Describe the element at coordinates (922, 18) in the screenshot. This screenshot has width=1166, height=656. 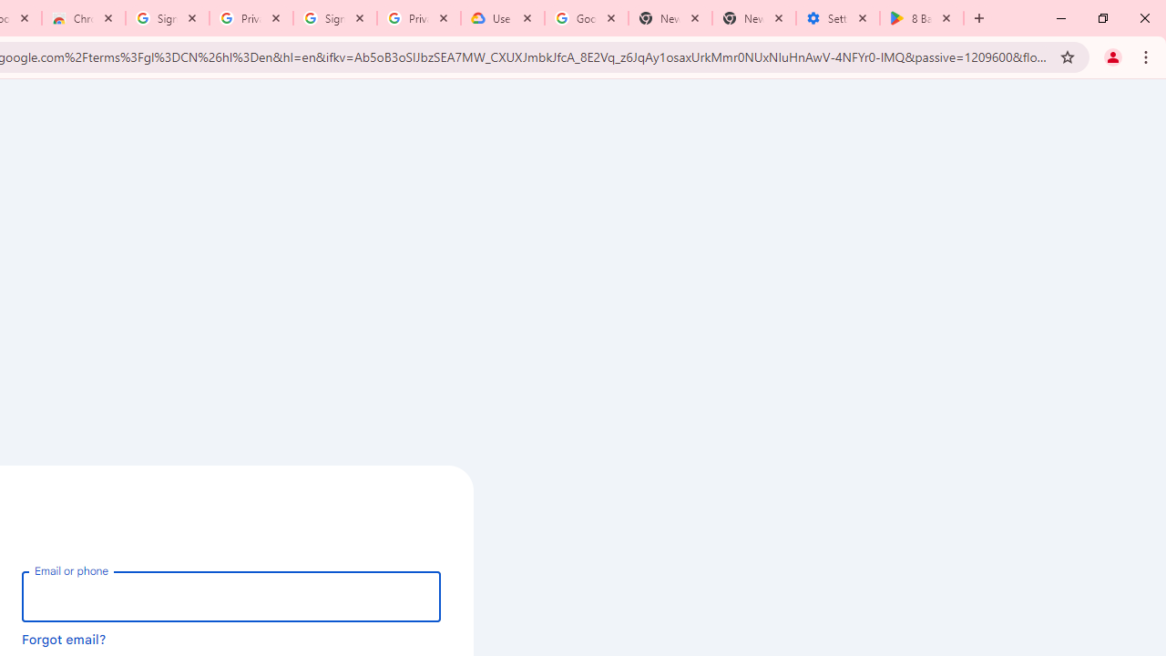
I see `'8 Ball Pool - Apps on Google Play'` at that location.